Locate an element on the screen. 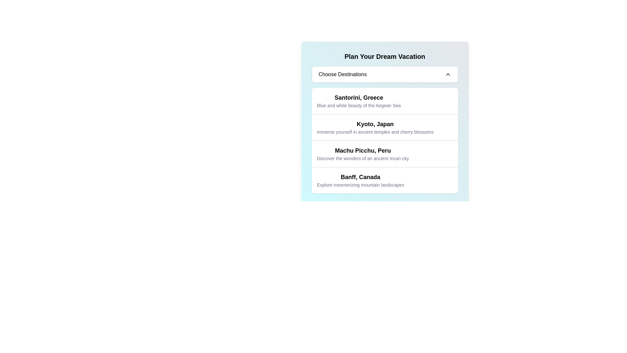 Image resolution: width=627 pixels, height=353 pixels. the destination selection Text element for 'Santorini, Greece' is located at coordinates (359, 101).